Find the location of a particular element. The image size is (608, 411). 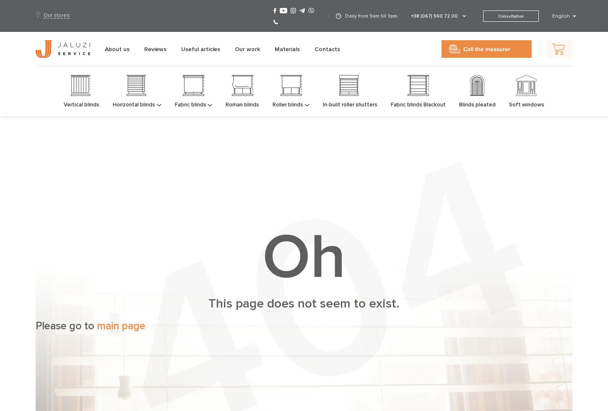

'This page does not seem to exist.' is located at coordinates (208, 303).